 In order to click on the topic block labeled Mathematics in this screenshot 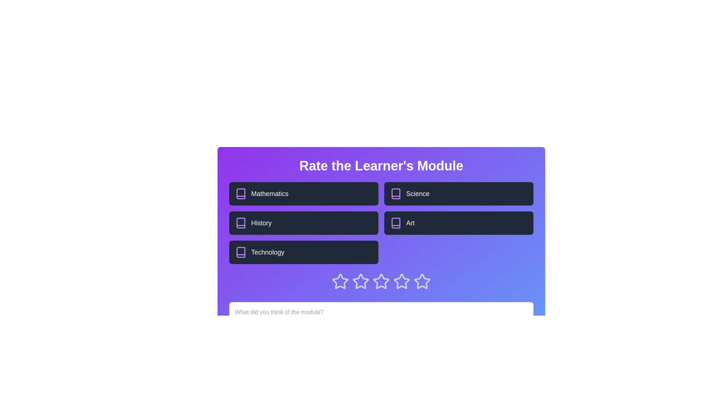, I will do `click(303, 193)`.